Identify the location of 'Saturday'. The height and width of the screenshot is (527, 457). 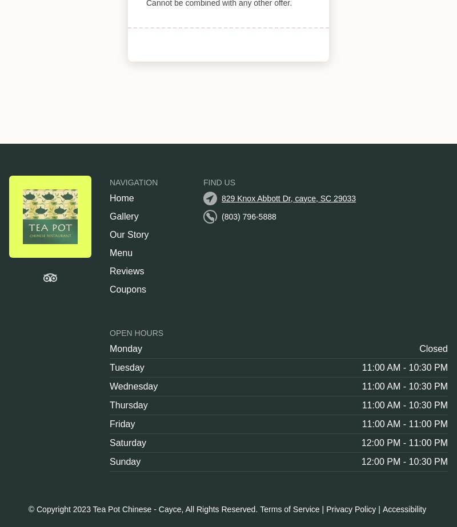
(128, 443).